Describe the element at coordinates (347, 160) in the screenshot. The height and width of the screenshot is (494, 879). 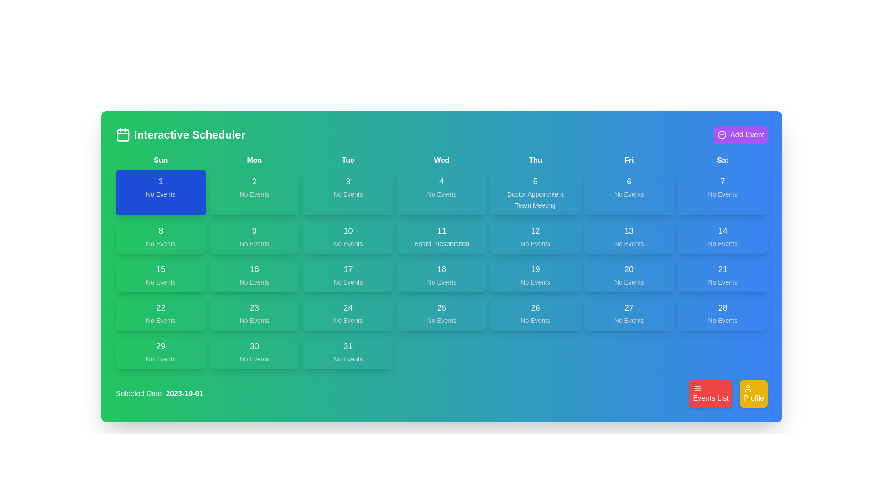
I see `the static text label indicating 'Tuesday' in the calendar header, positioned between 'Mon' and 'Wed'` at that location.